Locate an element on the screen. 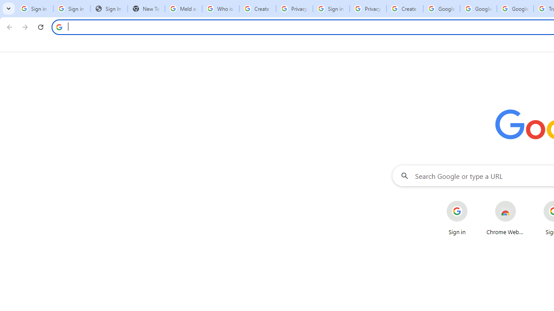  'More actions for Sign in shortcut' is located at coordinates (473, 201).